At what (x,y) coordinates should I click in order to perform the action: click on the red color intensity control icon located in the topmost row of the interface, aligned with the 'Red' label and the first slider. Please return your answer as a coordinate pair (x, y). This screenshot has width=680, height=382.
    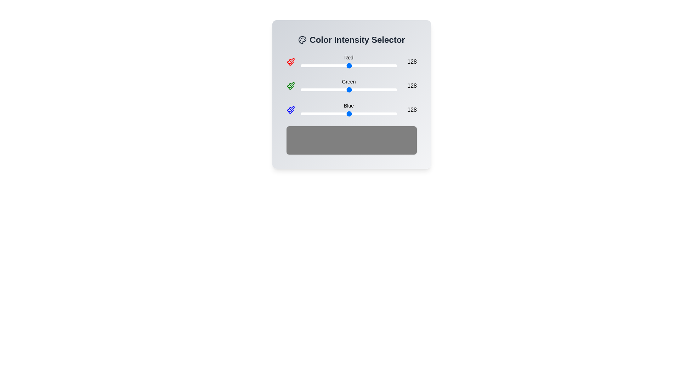
    Looking at the image, I should click on (292, 60).